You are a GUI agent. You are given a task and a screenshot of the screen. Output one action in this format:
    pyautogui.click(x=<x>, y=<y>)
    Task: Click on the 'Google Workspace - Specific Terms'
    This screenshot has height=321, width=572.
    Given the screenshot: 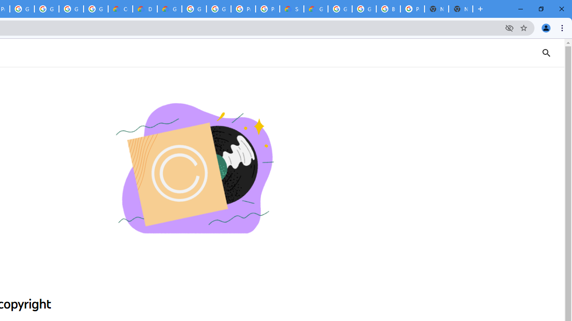 What is the action you would take?
    pyautogui.click(x=71, y=9)
    